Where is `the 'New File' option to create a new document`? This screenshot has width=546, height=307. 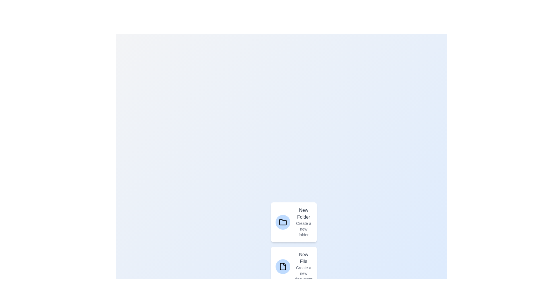 the 'New File' option to create a new document is located at coordinates (293, 266).